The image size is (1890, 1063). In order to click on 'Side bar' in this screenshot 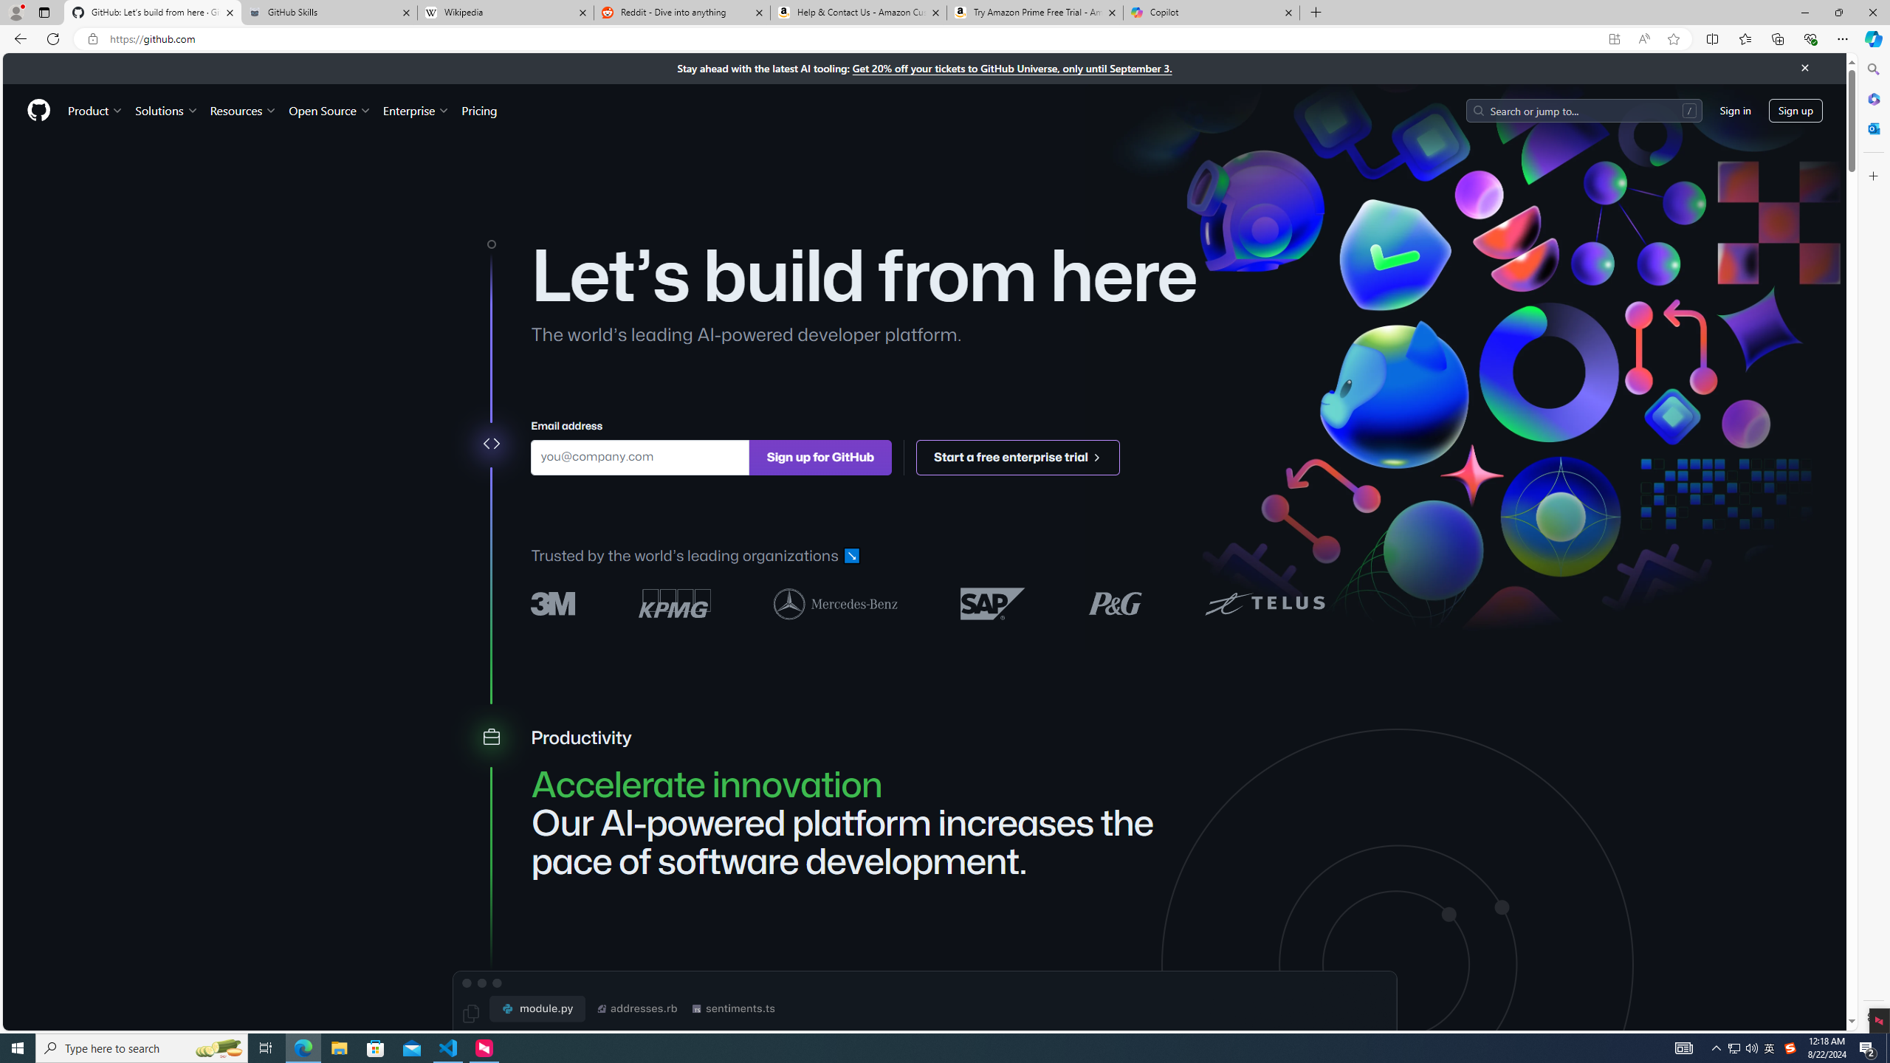, I will do `click(1873, 543)`.